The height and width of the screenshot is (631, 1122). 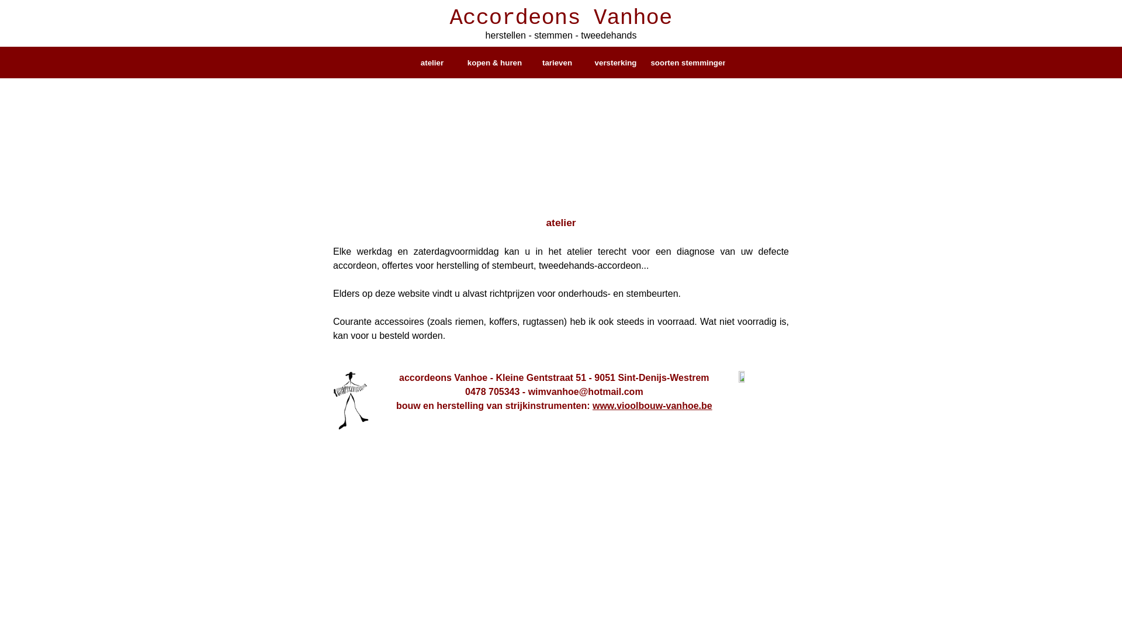 What do you see at coordinates (652, 405) in the screenshot?
I see `'www.vioolbouw-vanhoe.be'` at bounding box center [652, 405].